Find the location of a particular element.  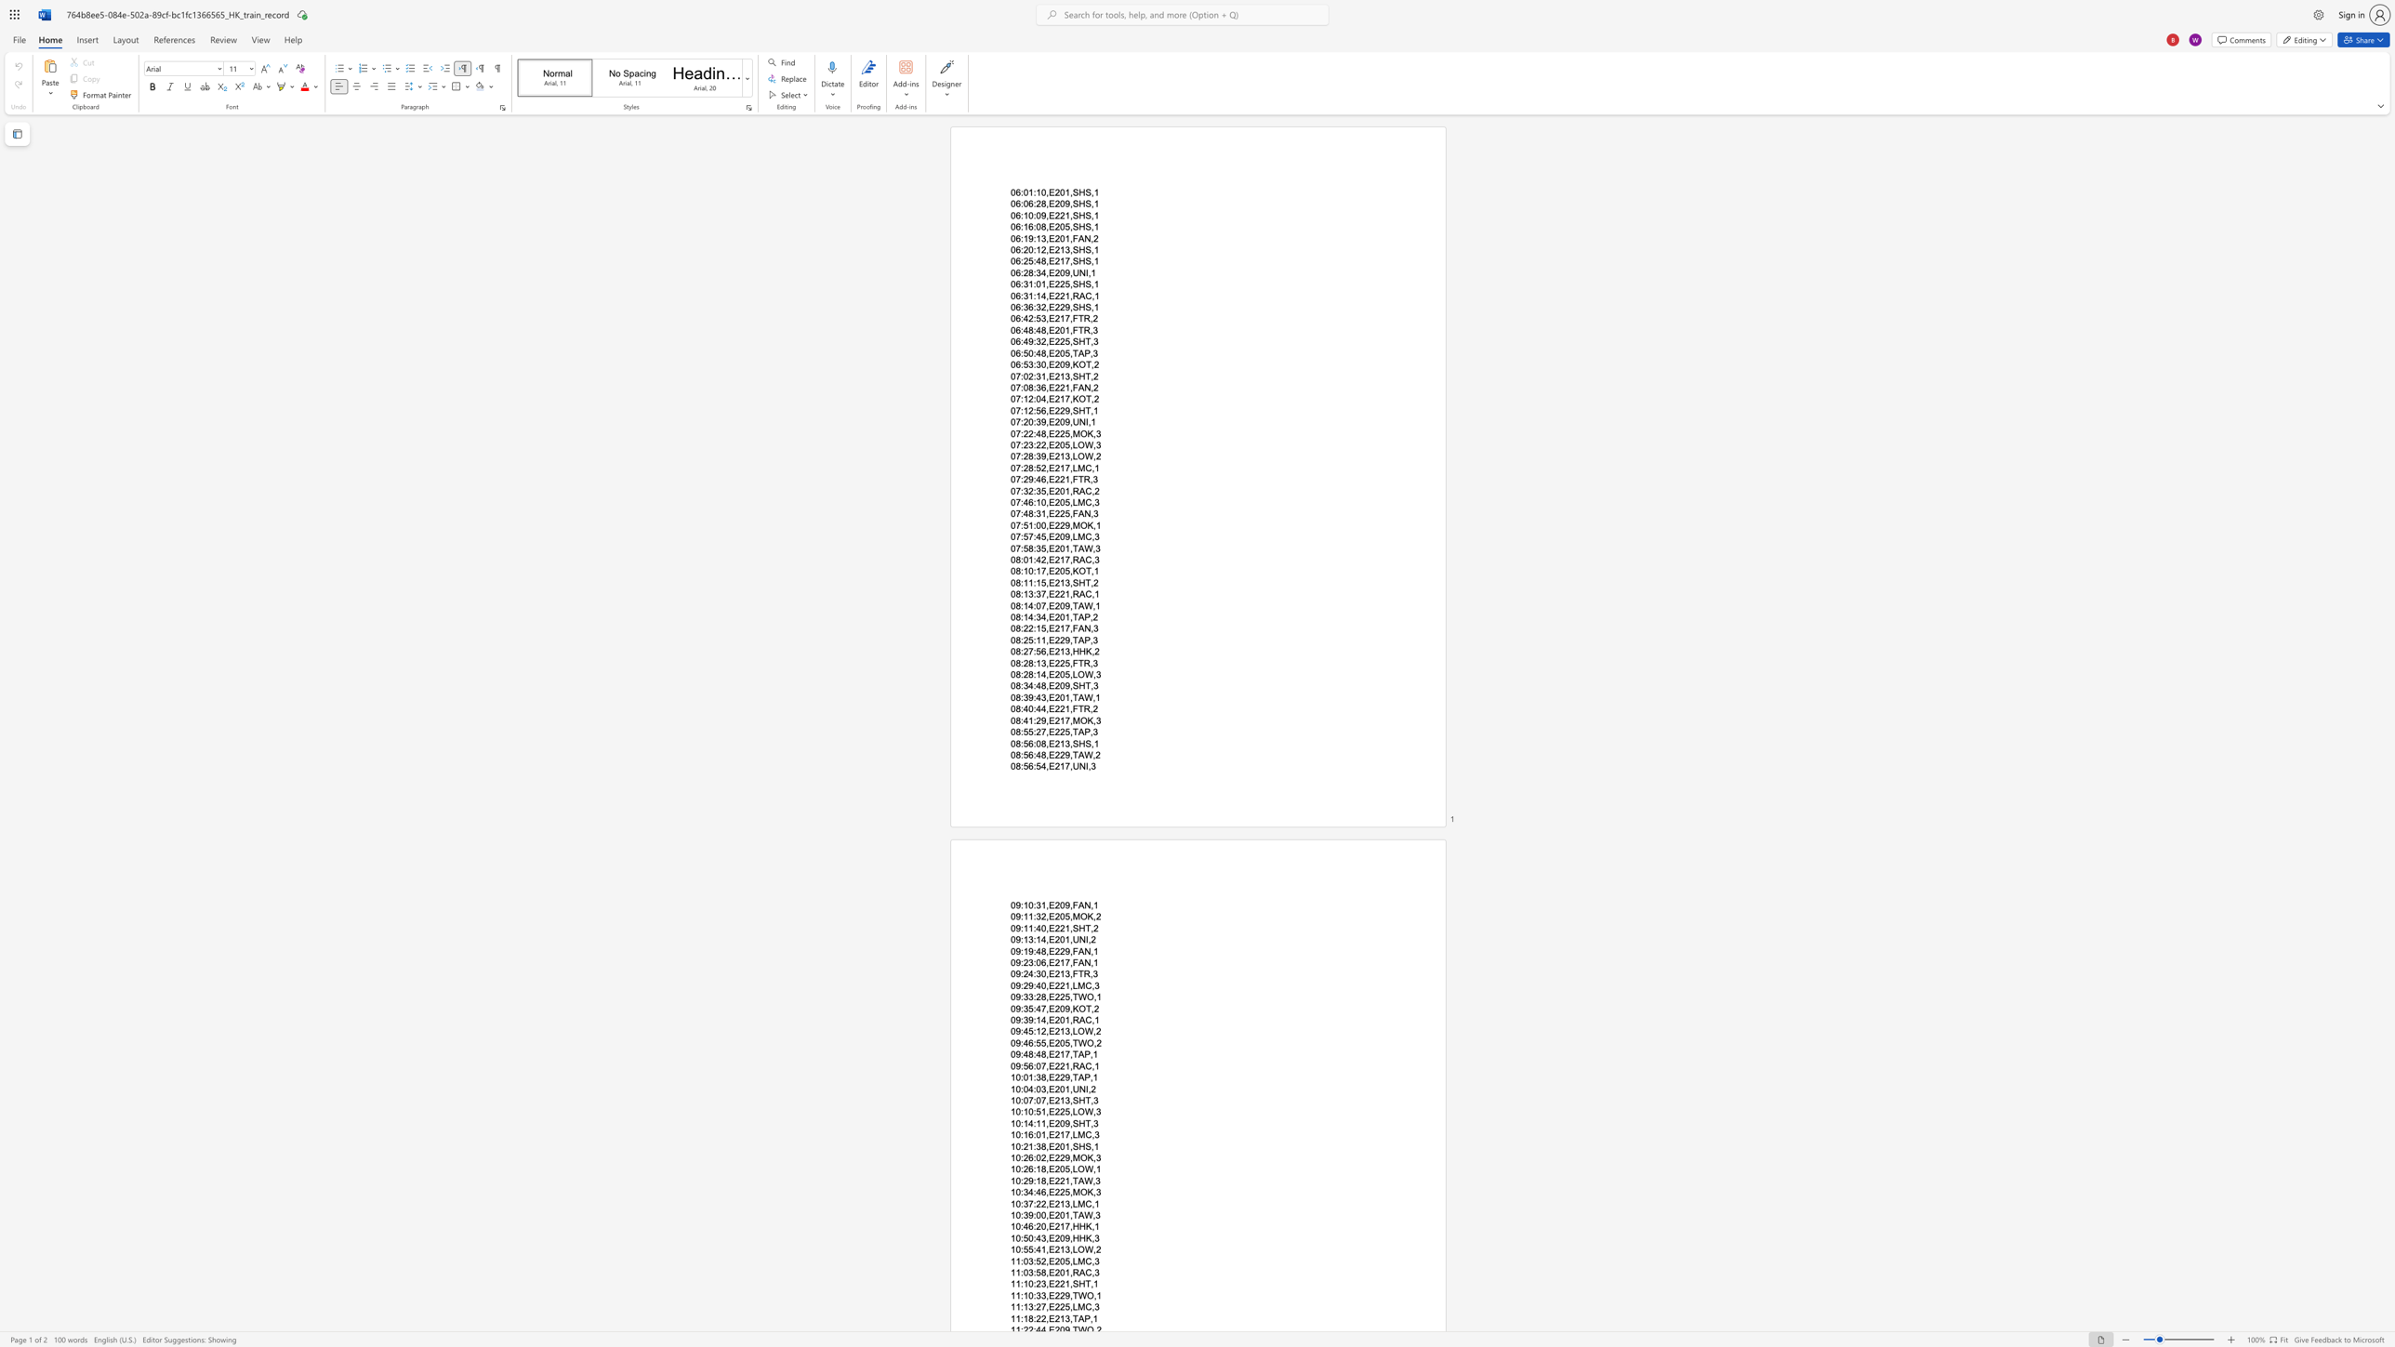

the space between the continuous character "2" and "2" in the text is located at coordinates (1058, 1295).